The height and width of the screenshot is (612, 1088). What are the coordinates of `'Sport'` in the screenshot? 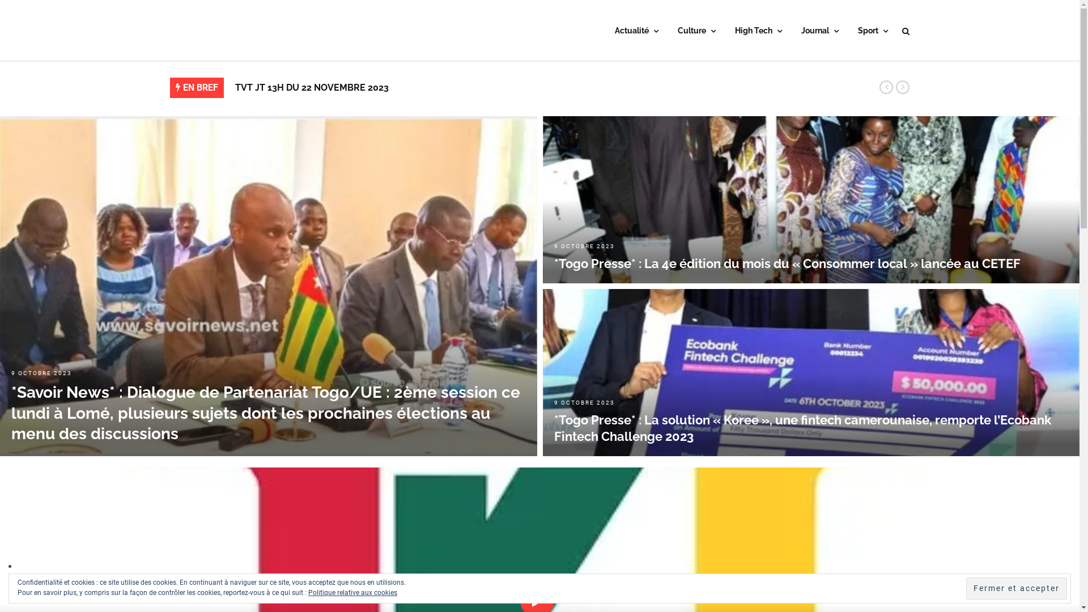 It's located at (872, 31).